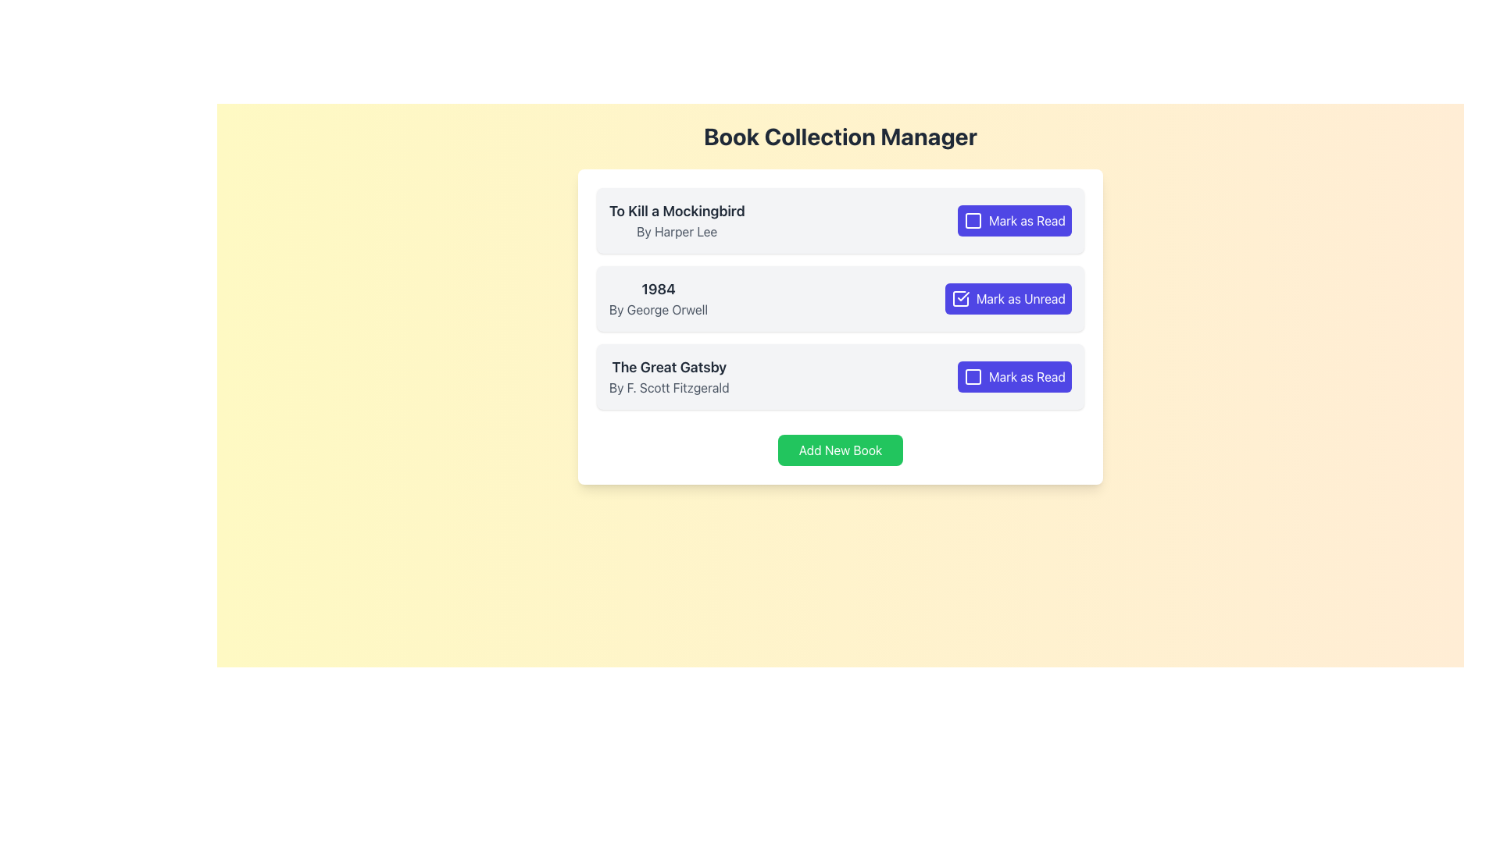 This screenshot has height=843, width=1500. I want to click on the title of the book displayed in the list of book entries, located above the text 'By Harper Lee' within the Book Collection Manager card, so click(677, 211).